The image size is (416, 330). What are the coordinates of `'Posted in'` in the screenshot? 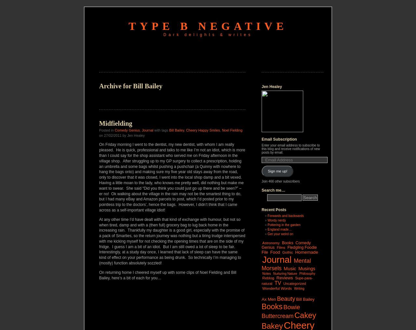 It's located at (107, 129).